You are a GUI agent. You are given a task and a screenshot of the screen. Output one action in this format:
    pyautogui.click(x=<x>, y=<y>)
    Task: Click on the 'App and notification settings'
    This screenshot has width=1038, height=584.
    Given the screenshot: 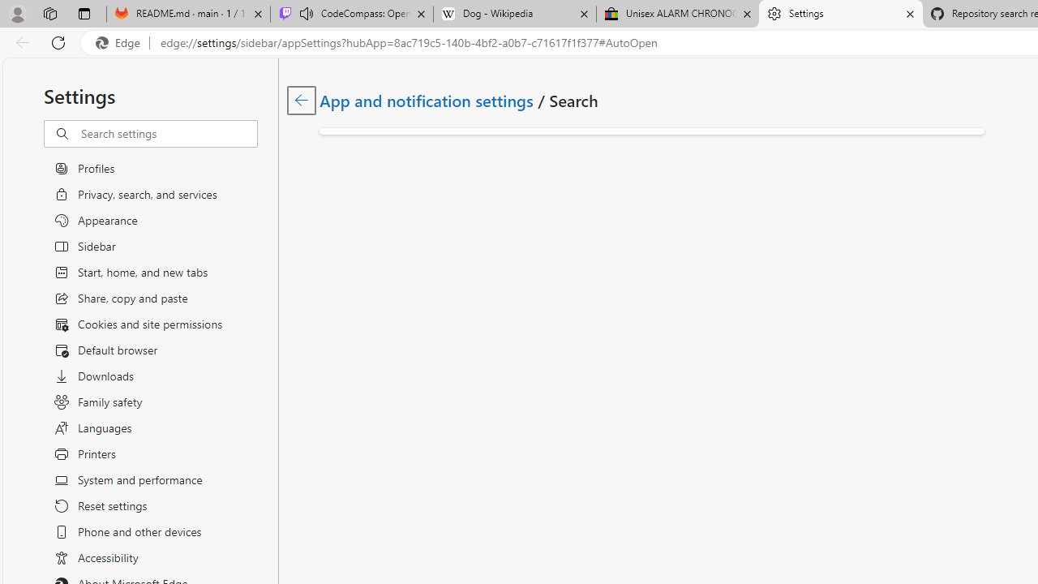 What is the action you would take?
    pyautogui.click(x=427, y=100)
    